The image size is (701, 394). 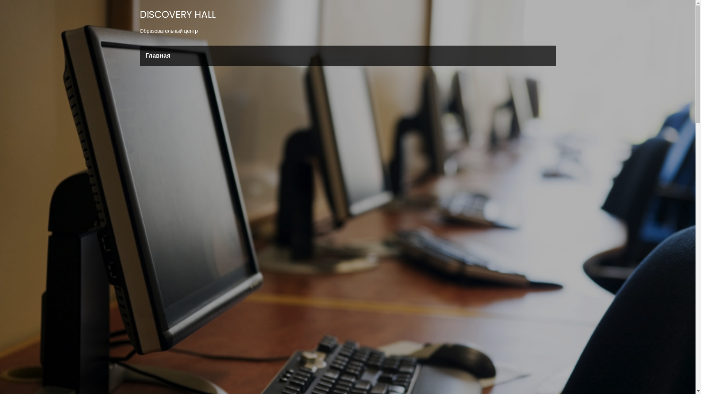 What do you see at coordinates (177, 14) in the screenshot?
I see `'DISCOVERY HALL'` at bounding box center [177, 14].